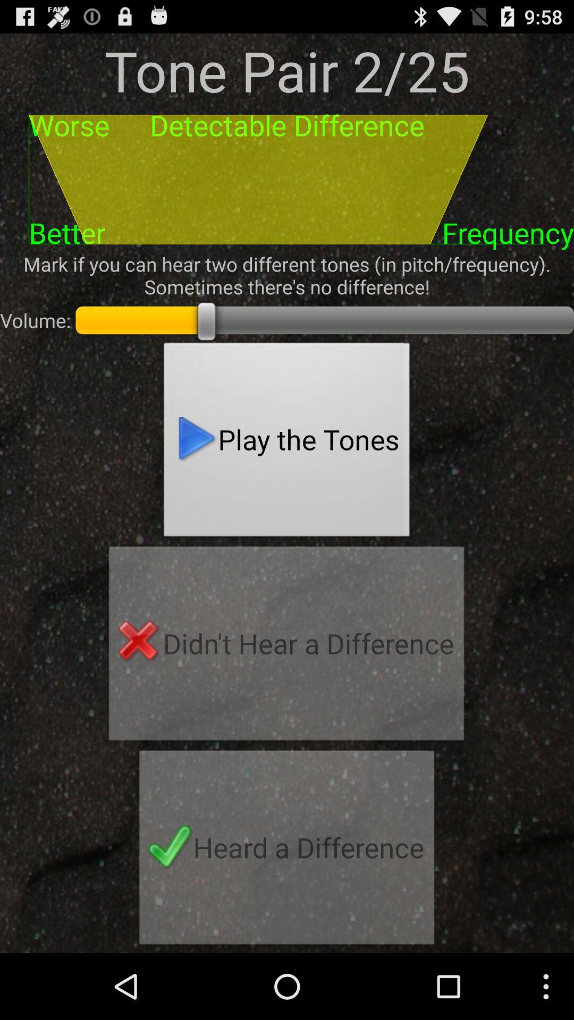 The width and height of the screenshot is (574, 1020). Describe the element at coordinates (287, 443) in the screenshot. I see `the play the tones icon` at that location.